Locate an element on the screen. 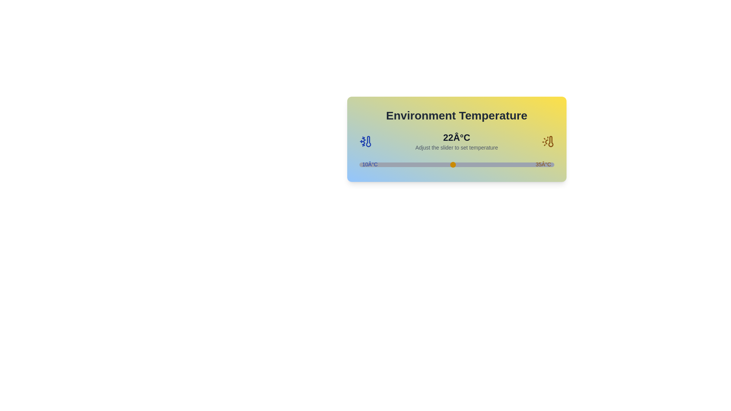  the slider to set the temperature to 31°C is located at coordinates (522, 164).